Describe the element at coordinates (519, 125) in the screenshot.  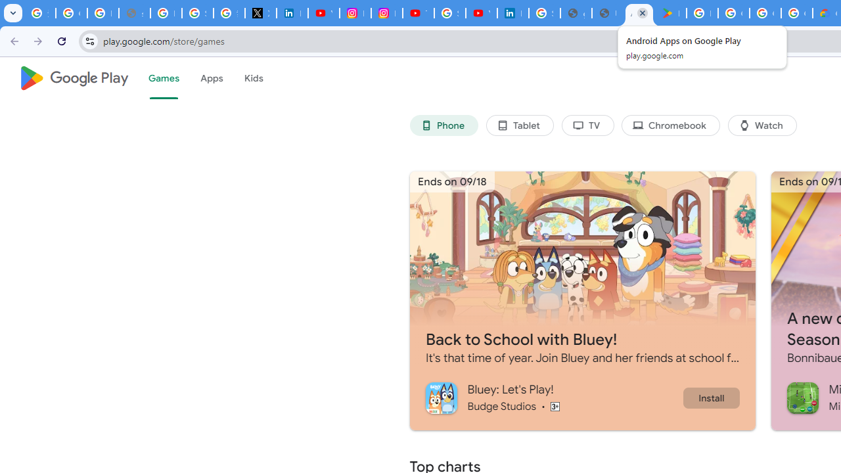
I see `'Tablet'` at that location.